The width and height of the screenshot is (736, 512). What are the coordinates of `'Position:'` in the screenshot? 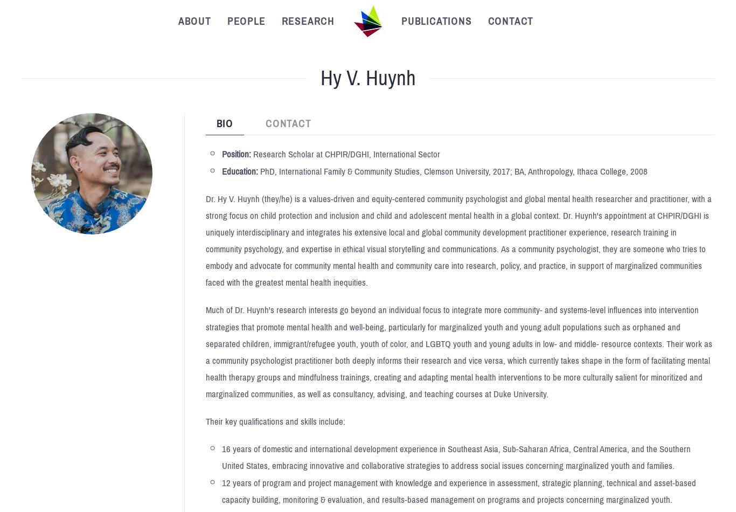 It's located at (221, 154).